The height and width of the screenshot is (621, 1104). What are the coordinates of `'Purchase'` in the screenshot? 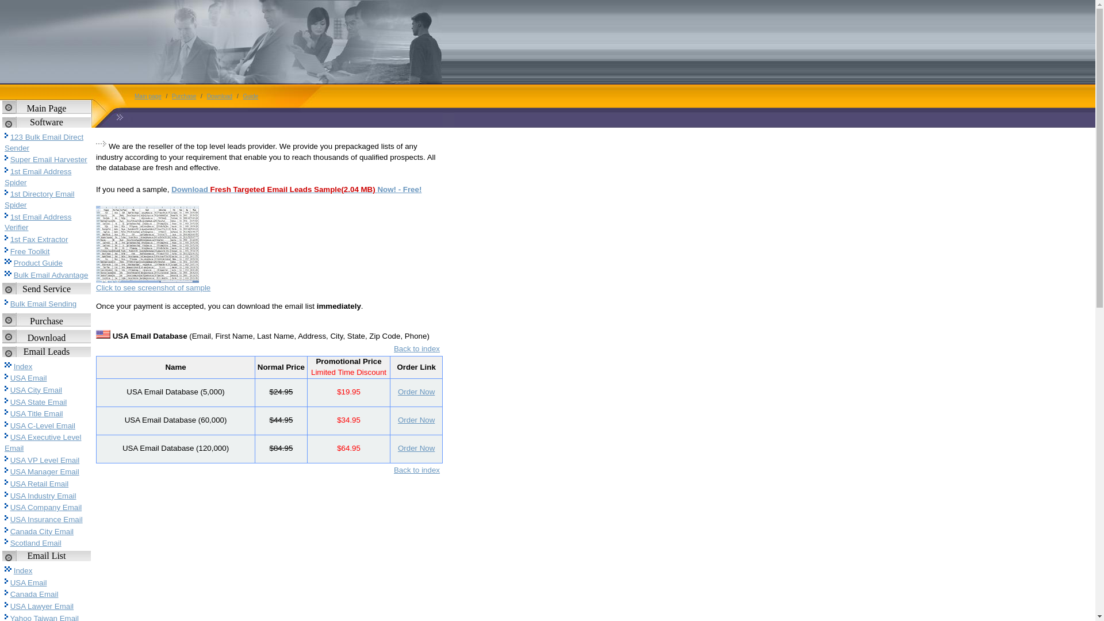 It's located at (46, 321).